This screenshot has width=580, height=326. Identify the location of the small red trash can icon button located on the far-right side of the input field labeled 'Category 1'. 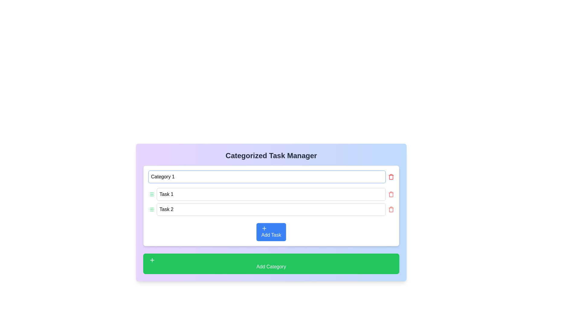
(391, 177).